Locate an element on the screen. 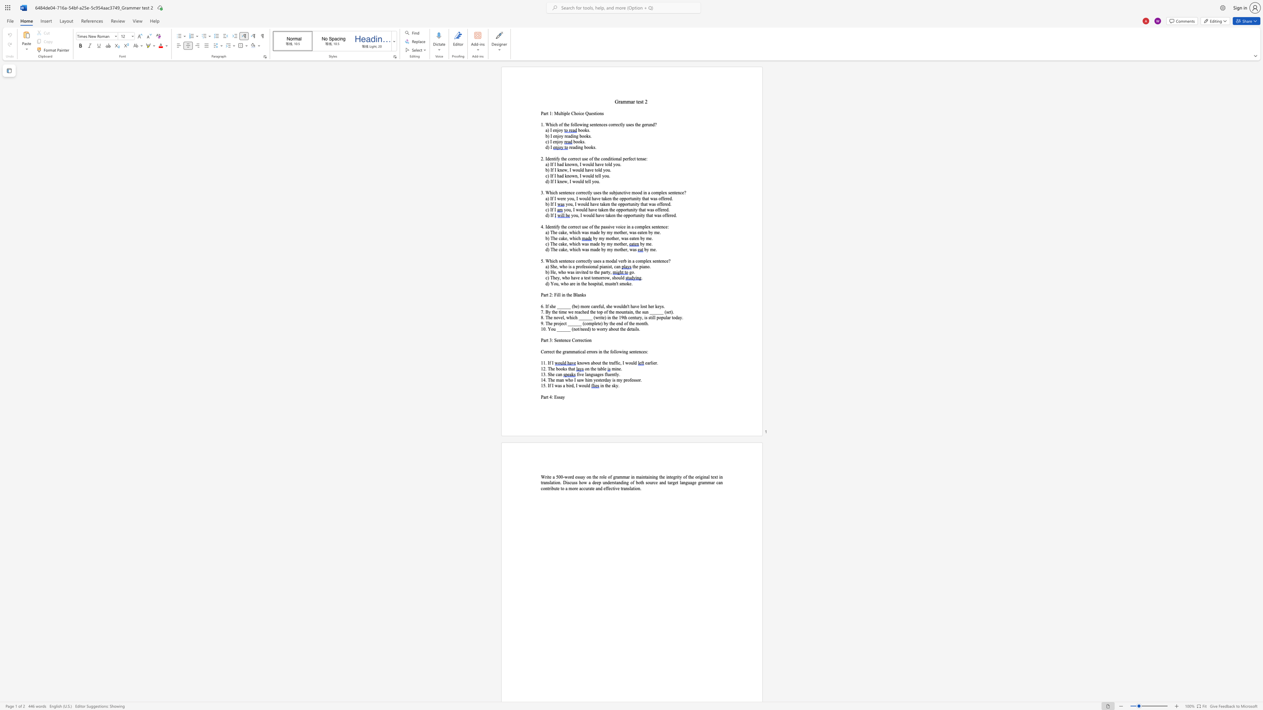 This screenshot has width=1263, height=710. the subset text "en by" within the text "a) The cake, which was made by my mother, was eaten by me." is located at coordinates (643, 232).